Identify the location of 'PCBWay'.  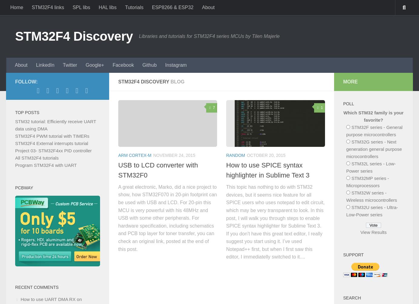
(24, 187).